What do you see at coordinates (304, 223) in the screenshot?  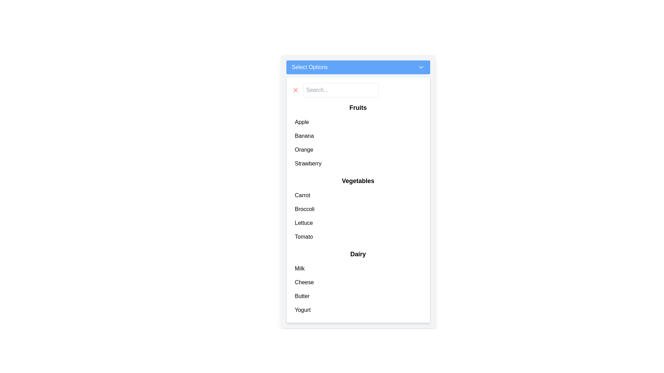 I see `the 'Lettuce' label in the 'Vegetables' section` at bounding box center [304, 223].